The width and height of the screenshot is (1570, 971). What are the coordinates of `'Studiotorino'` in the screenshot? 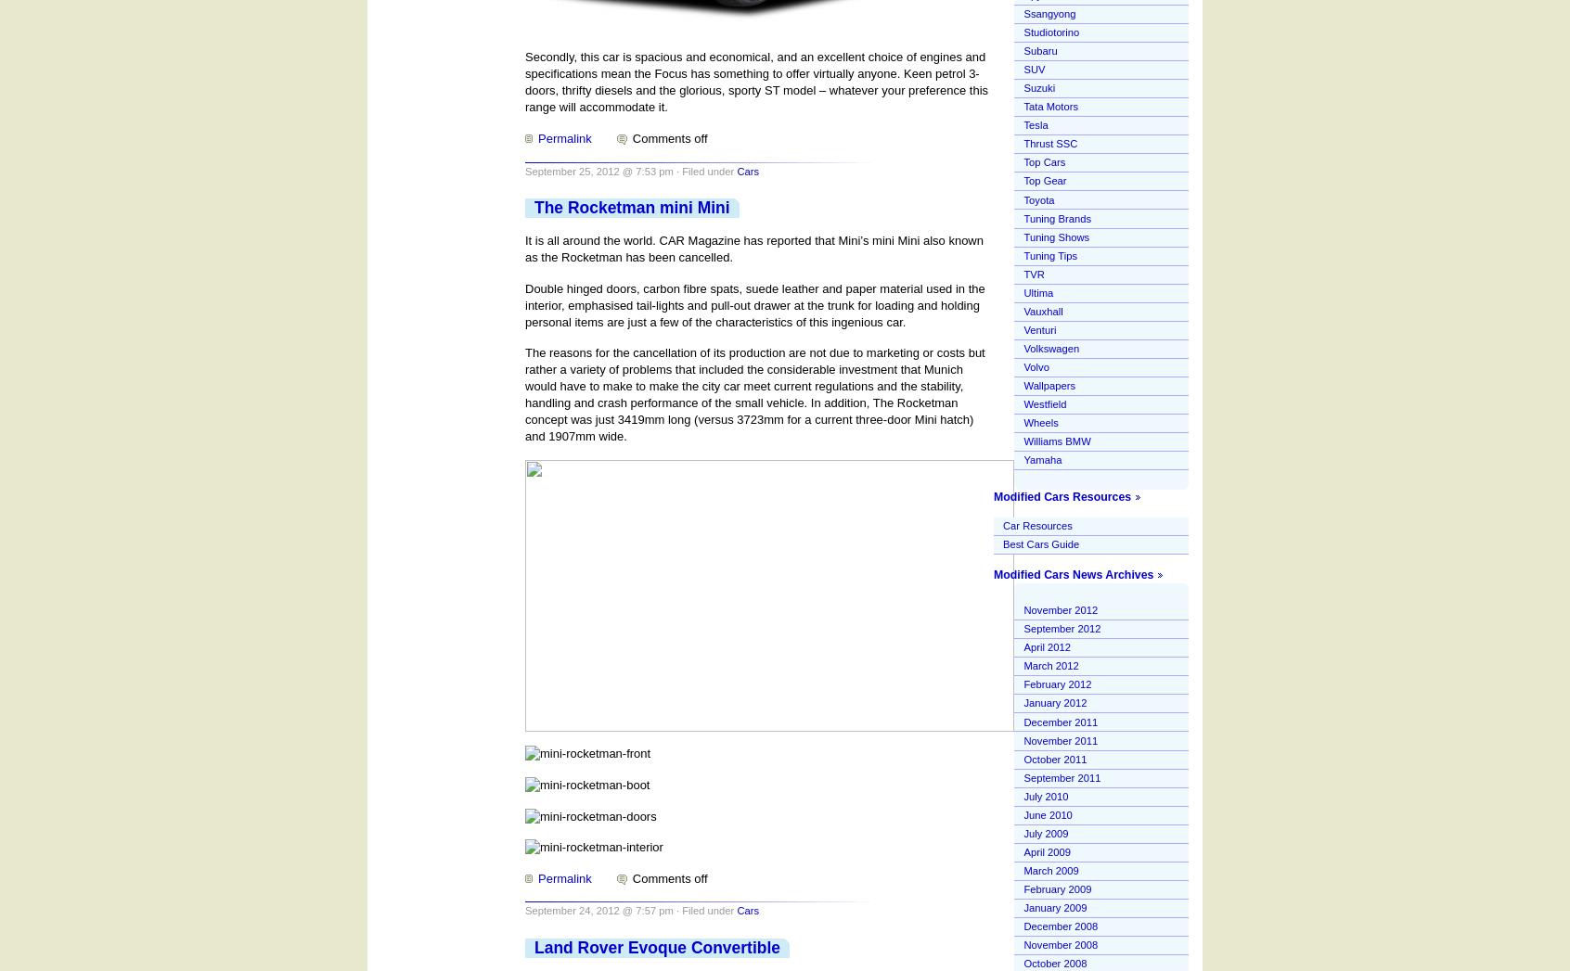 It's located at (1049, 31).